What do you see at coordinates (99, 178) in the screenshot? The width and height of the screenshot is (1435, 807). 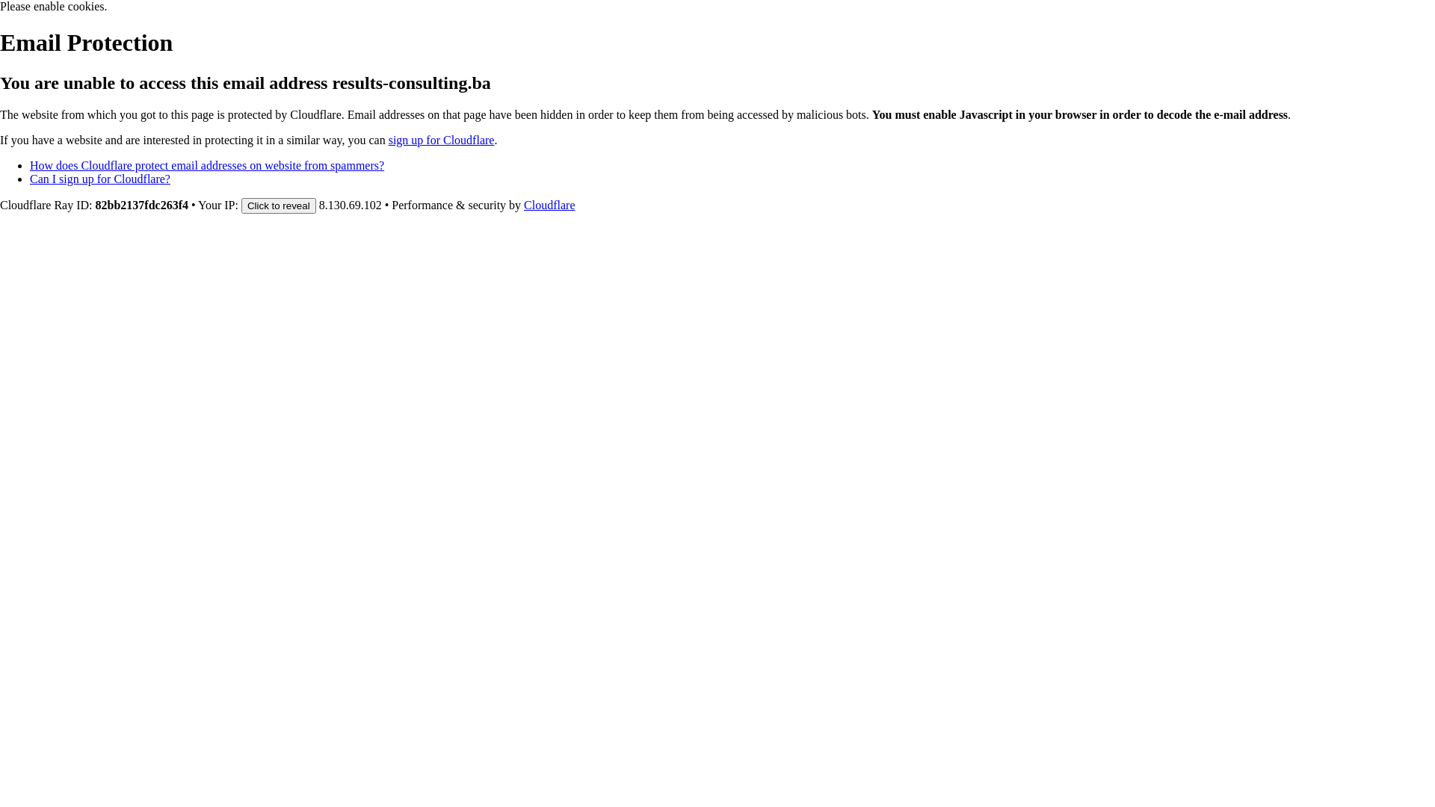 I see `'Can I sign up for Cloudflare?'` at bounding box center [99, 178].